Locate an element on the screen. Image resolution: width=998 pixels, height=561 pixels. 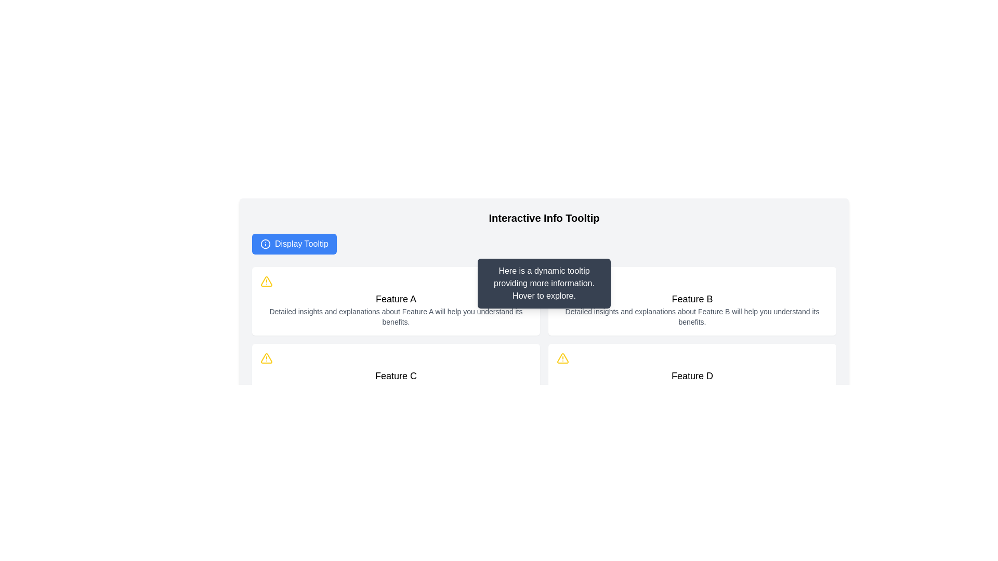
the Informational Card that provides detailed explanations about Feature D, located in the second row, second column of the grid layout is located at coordinates (692, 378).